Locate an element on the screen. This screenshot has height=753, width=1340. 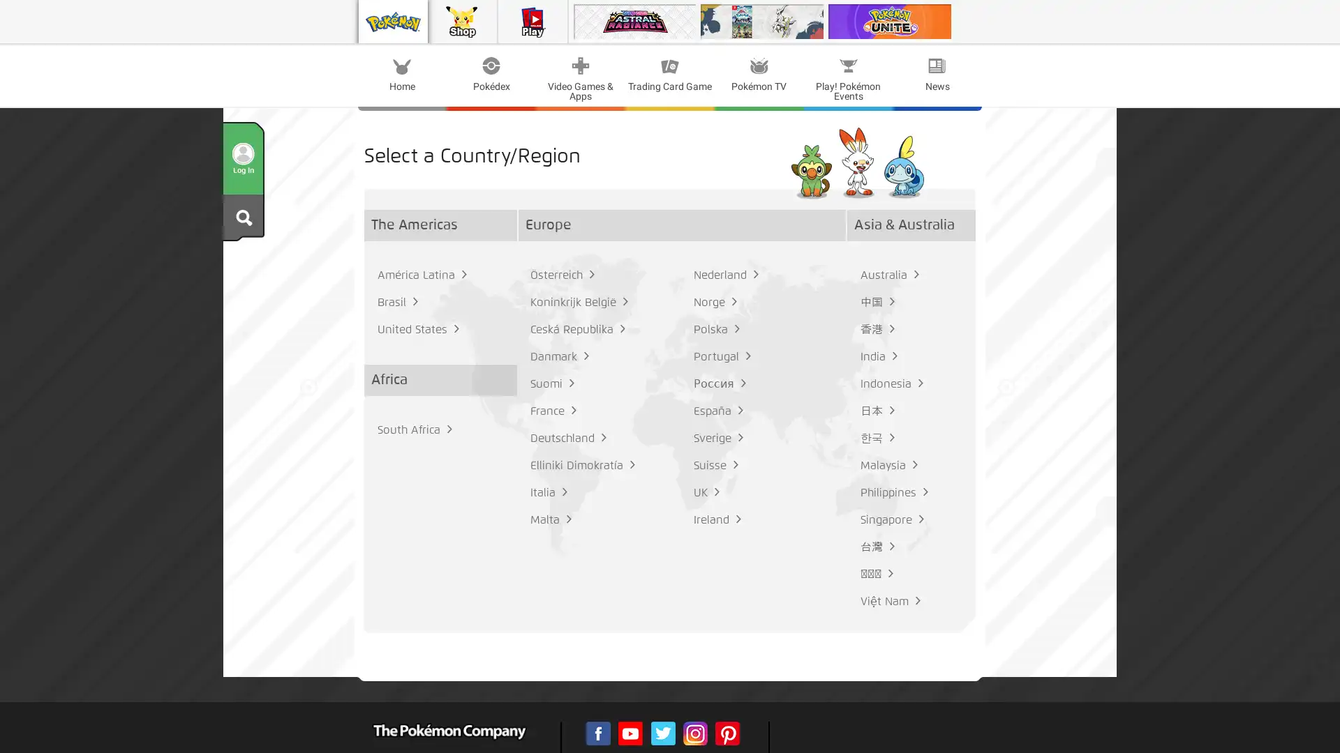
Accept All is located at coordinates (722, 218).